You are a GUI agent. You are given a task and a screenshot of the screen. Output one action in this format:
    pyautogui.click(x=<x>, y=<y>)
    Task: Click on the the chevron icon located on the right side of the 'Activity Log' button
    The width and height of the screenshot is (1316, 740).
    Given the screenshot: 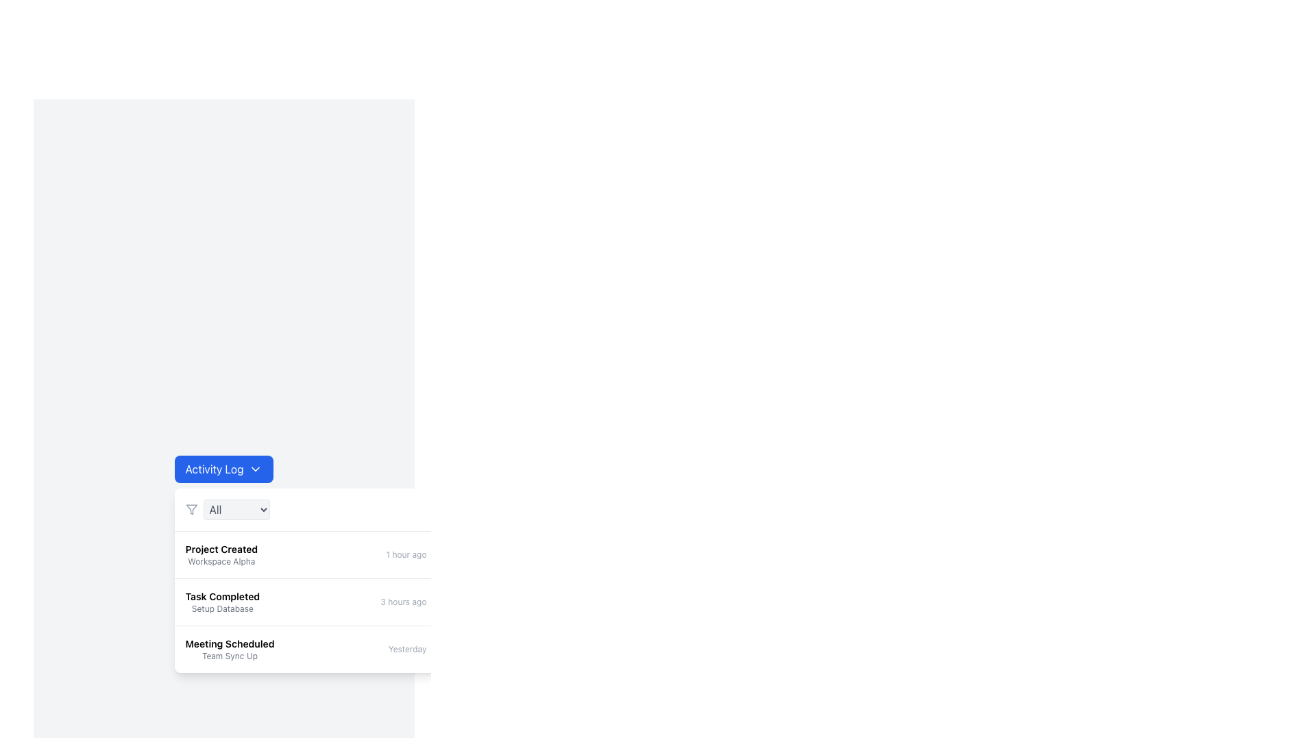 What is the action you would take?
    pyautogui.click(x=256, y=469)
    